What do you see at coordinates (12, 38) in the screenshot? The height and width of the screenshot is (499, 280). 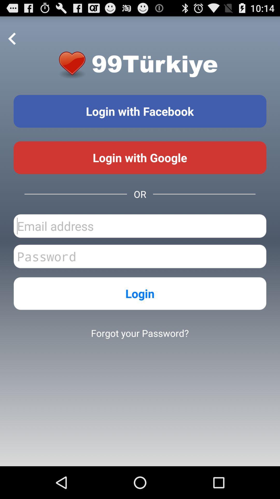 I see `the item at the top left corner` at bounding box center [12, 38].